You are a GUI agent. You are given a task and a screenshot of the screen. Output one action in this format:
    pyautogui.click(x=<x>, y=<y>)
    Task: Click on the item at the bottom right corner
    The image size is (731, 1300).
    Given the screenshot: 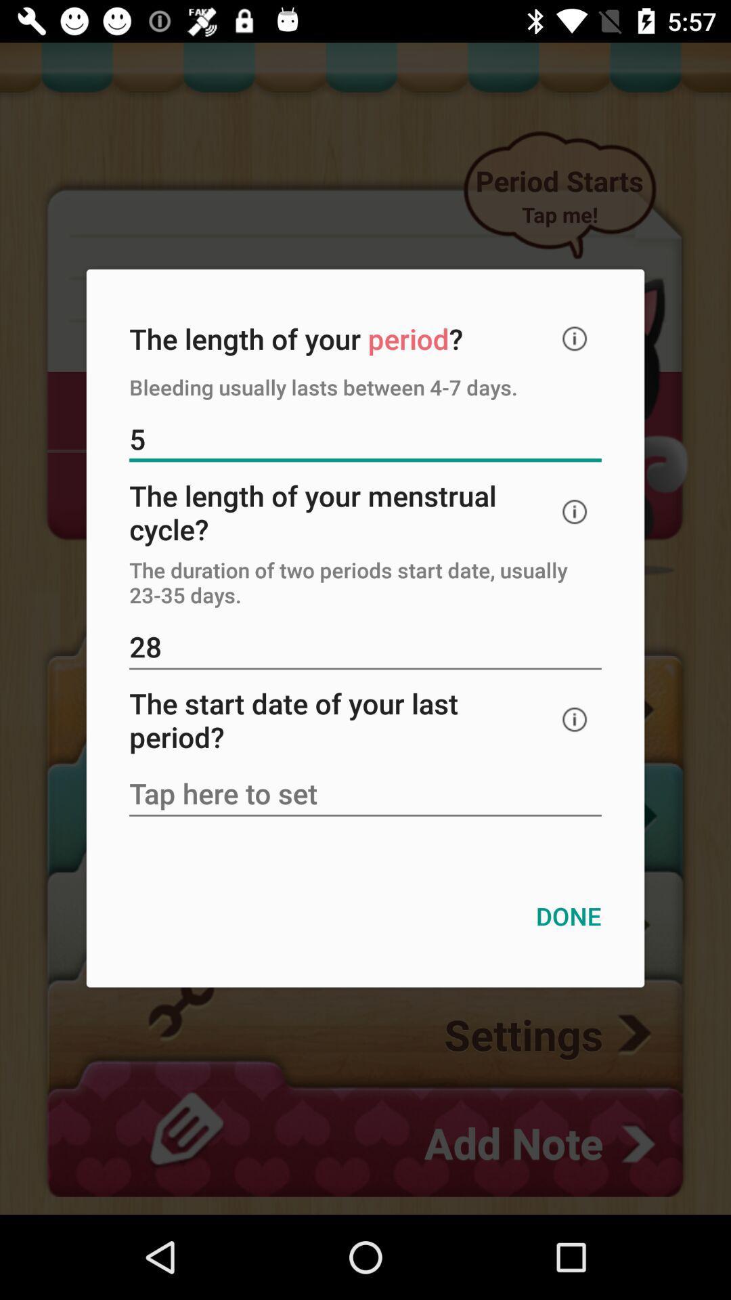 What is the action you would take?
    pyautogui.click(x=569, y=916)
    